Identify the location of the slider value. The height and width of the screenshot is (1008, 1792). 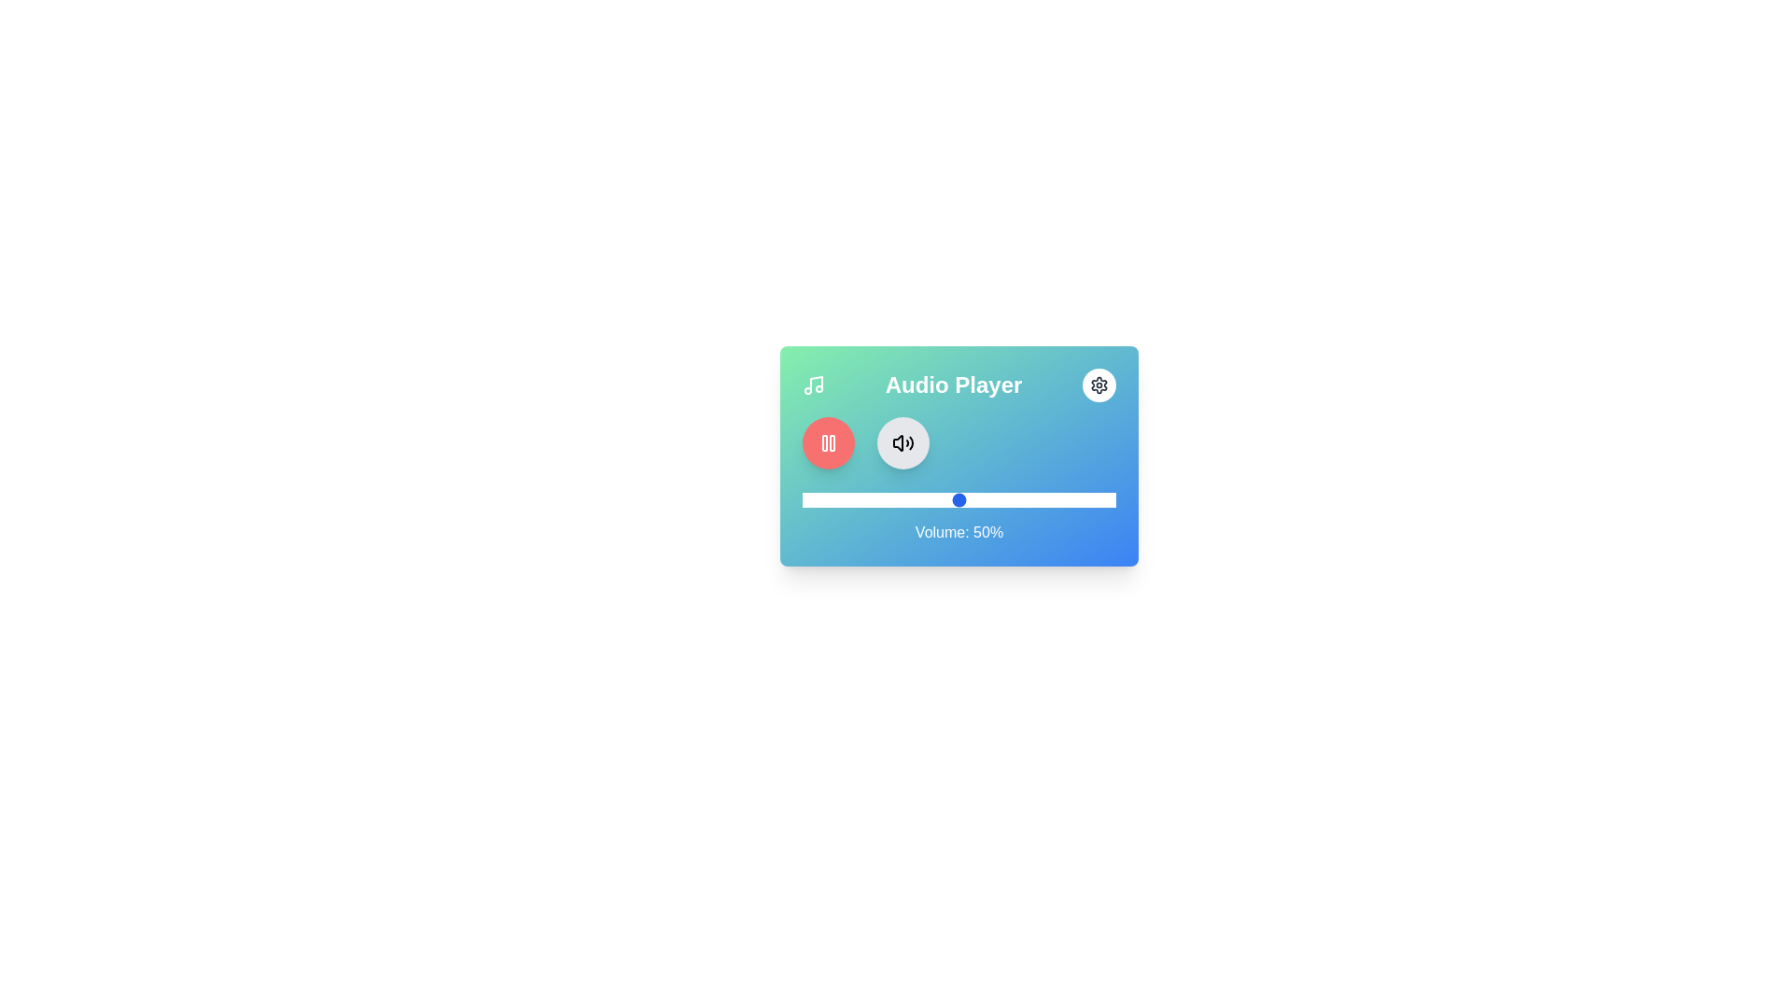
(928, 499).